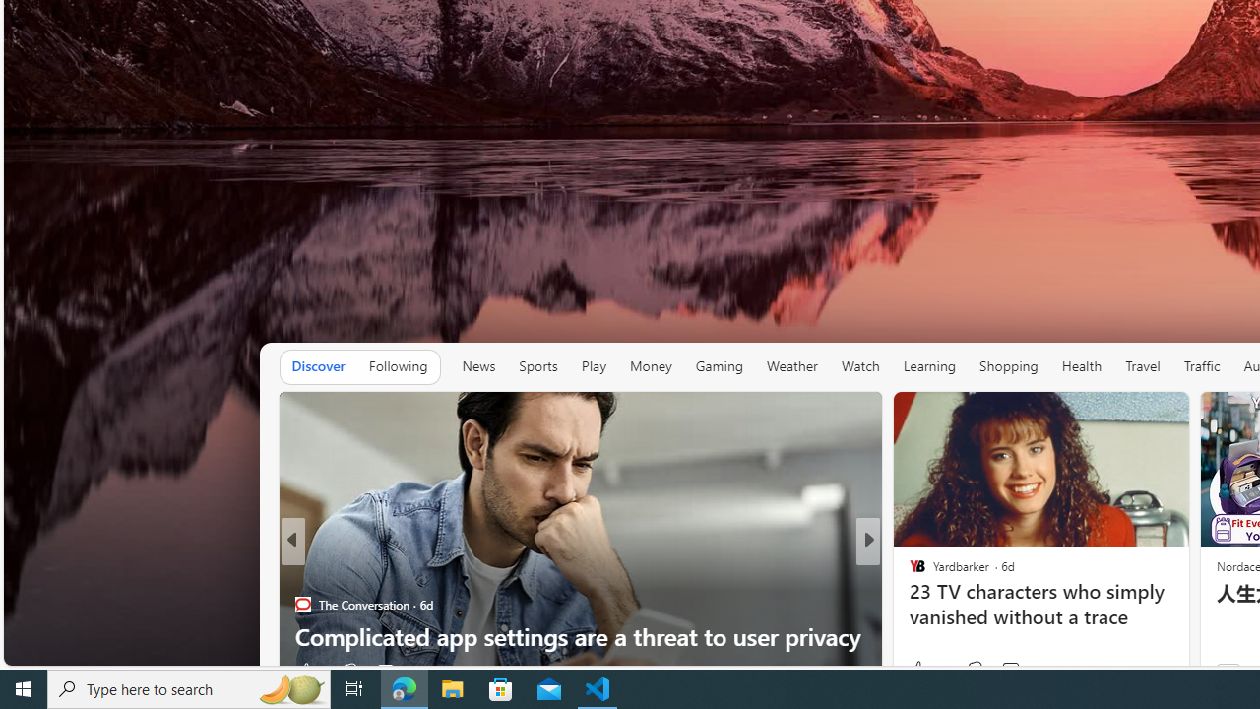  Describe the element at coordinates (998, 670) in the screenshot. I see `'View comments 25 Comment'` at that location.